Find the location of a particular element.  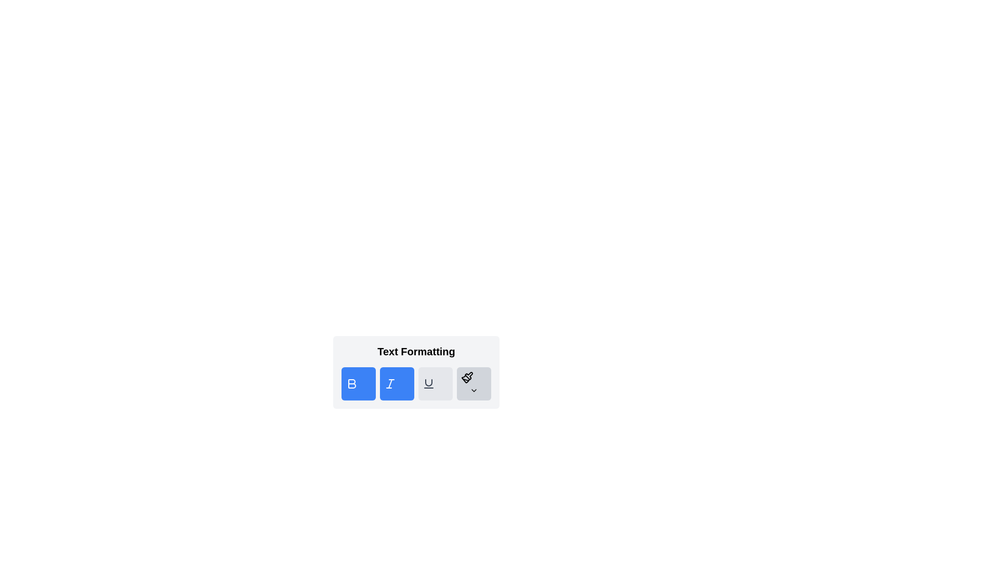

the italic text formatting button, represented by a slanted 'I' icon is located at coordinates (389, 384).